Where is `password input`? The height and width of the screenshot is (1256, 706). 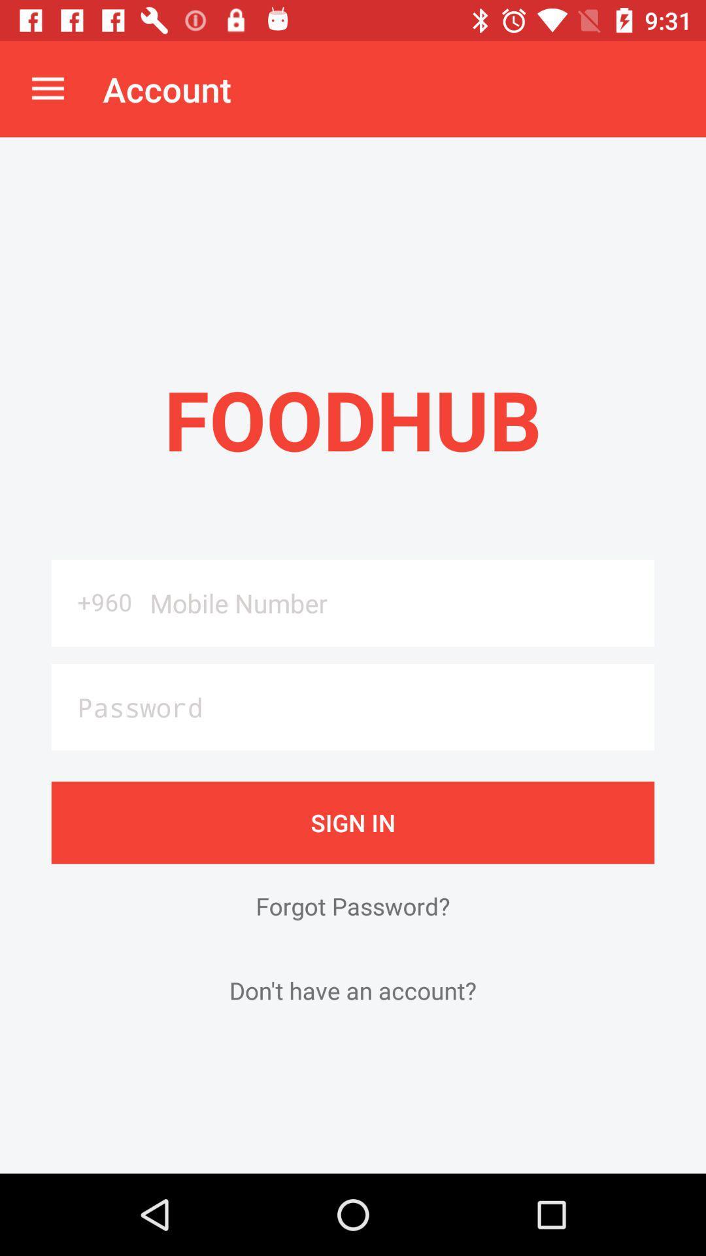
password input is located at coordinates (353, 706).